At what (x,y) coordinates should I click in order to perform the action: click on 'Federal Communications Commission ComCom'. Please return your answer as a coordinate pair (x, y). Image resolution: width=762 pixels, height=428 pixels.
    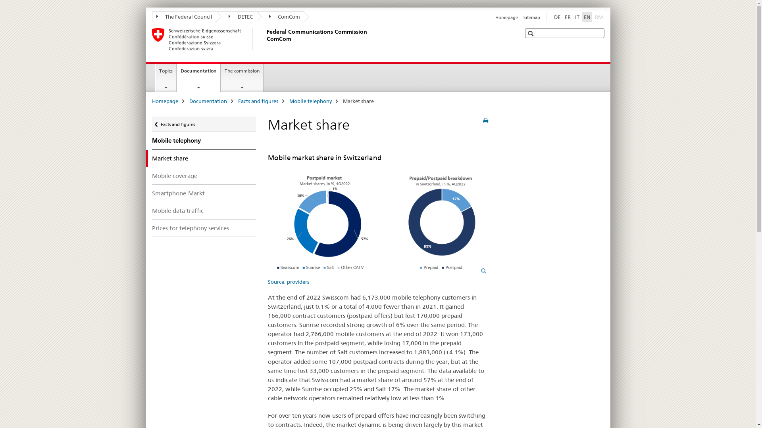
    Looking at the image, I should click on (265, 39).